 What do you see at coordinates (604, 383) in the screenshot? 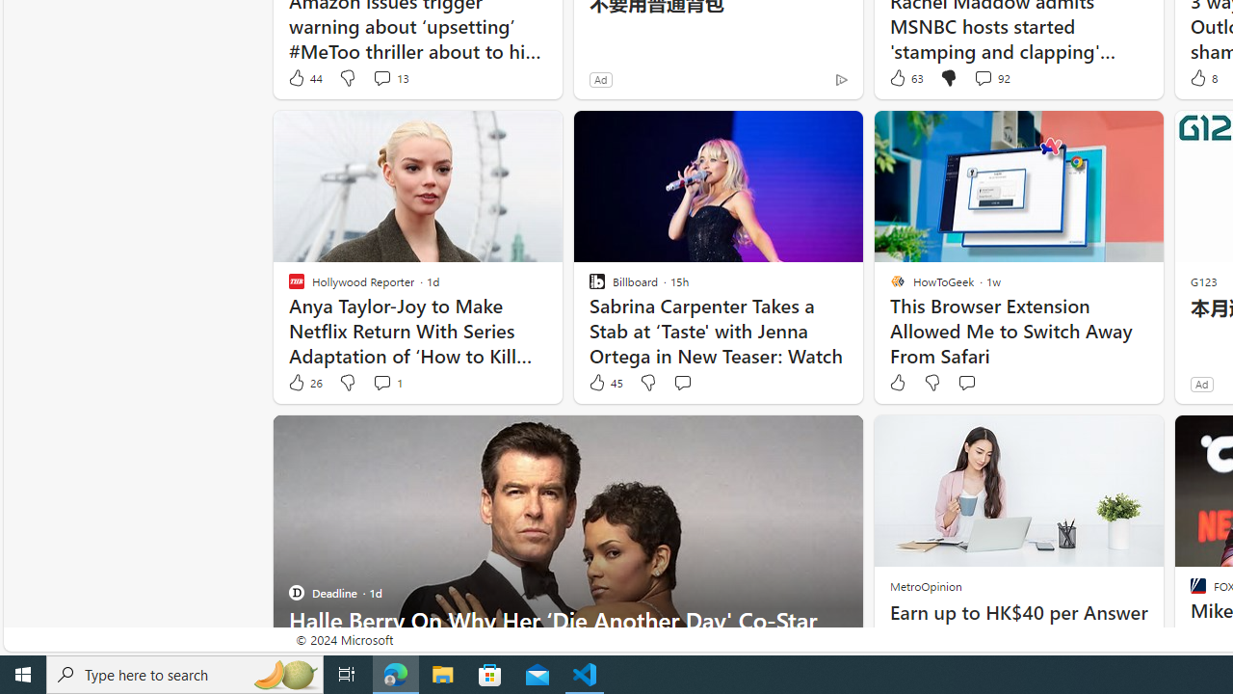
I see `'45 Like'` at bounding box center [604, 383].